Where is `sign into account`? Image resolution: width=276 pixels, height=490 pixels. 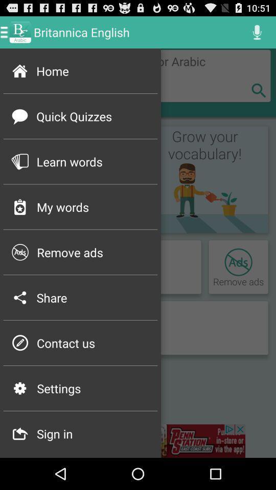
sign into account is located at coordinates (138, 440).